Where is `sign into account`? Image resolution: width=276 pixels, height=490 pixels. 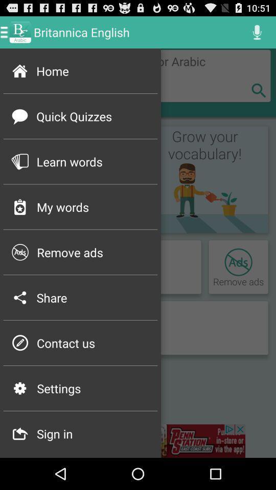
sign into account is located at coordinates (138, 440).